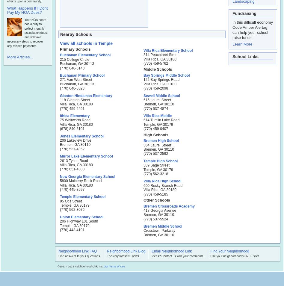 This screenshot has height=286, width=284. Describe the element at coordinates (163, 226) in the screenshot. I see `'Bremen Middle School'` at that location.